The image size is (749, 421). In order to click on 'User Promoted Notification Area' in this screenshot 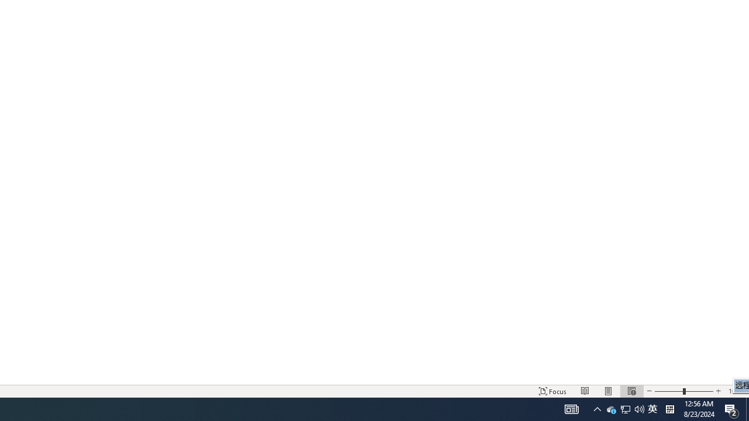, I will do `click(625, 408)`.